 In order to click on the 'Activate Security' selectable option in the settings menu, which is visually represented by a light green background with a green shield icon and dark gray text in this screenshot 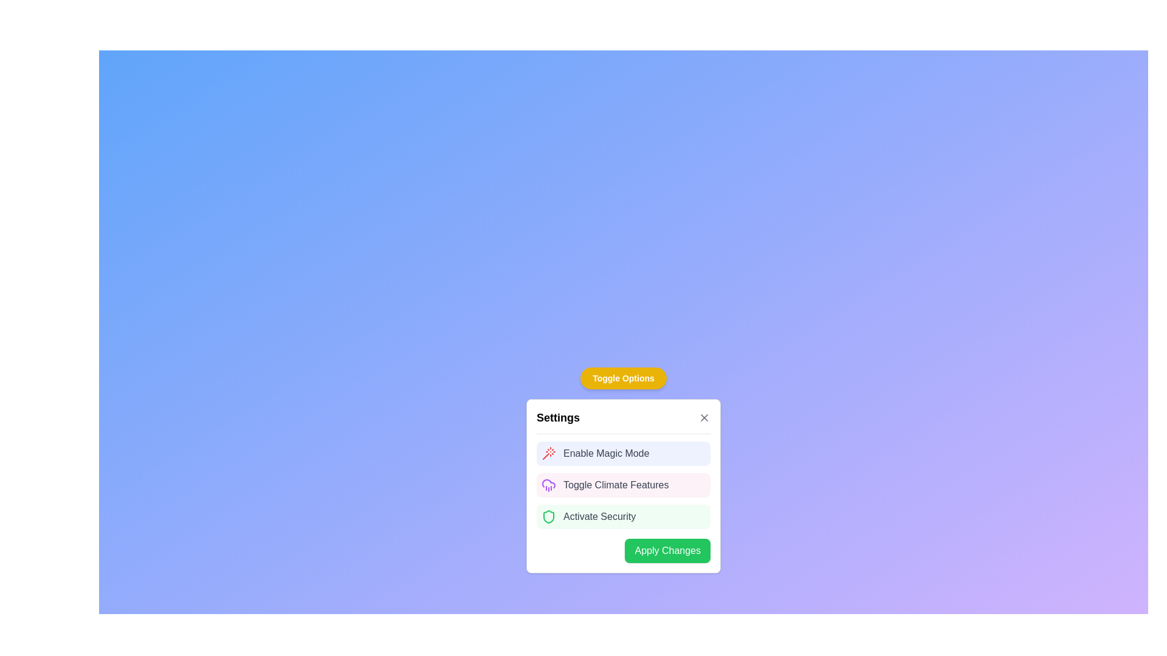, I will do `click(624, 517)`.